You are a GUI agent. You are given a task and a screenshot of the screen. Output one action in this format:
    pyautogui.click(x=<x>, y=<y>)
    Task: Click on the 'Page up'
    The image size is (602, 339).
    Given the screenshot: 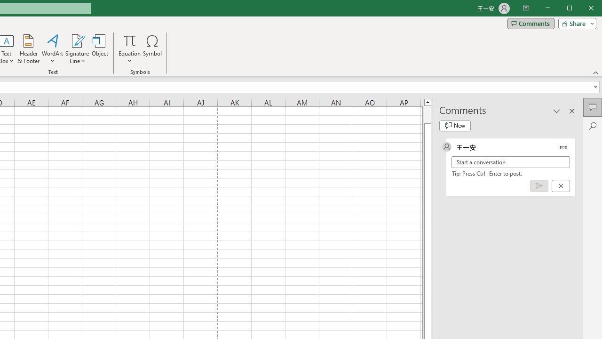 What is the action you would take?
    pyautogui.click(x=427, y=114)
    